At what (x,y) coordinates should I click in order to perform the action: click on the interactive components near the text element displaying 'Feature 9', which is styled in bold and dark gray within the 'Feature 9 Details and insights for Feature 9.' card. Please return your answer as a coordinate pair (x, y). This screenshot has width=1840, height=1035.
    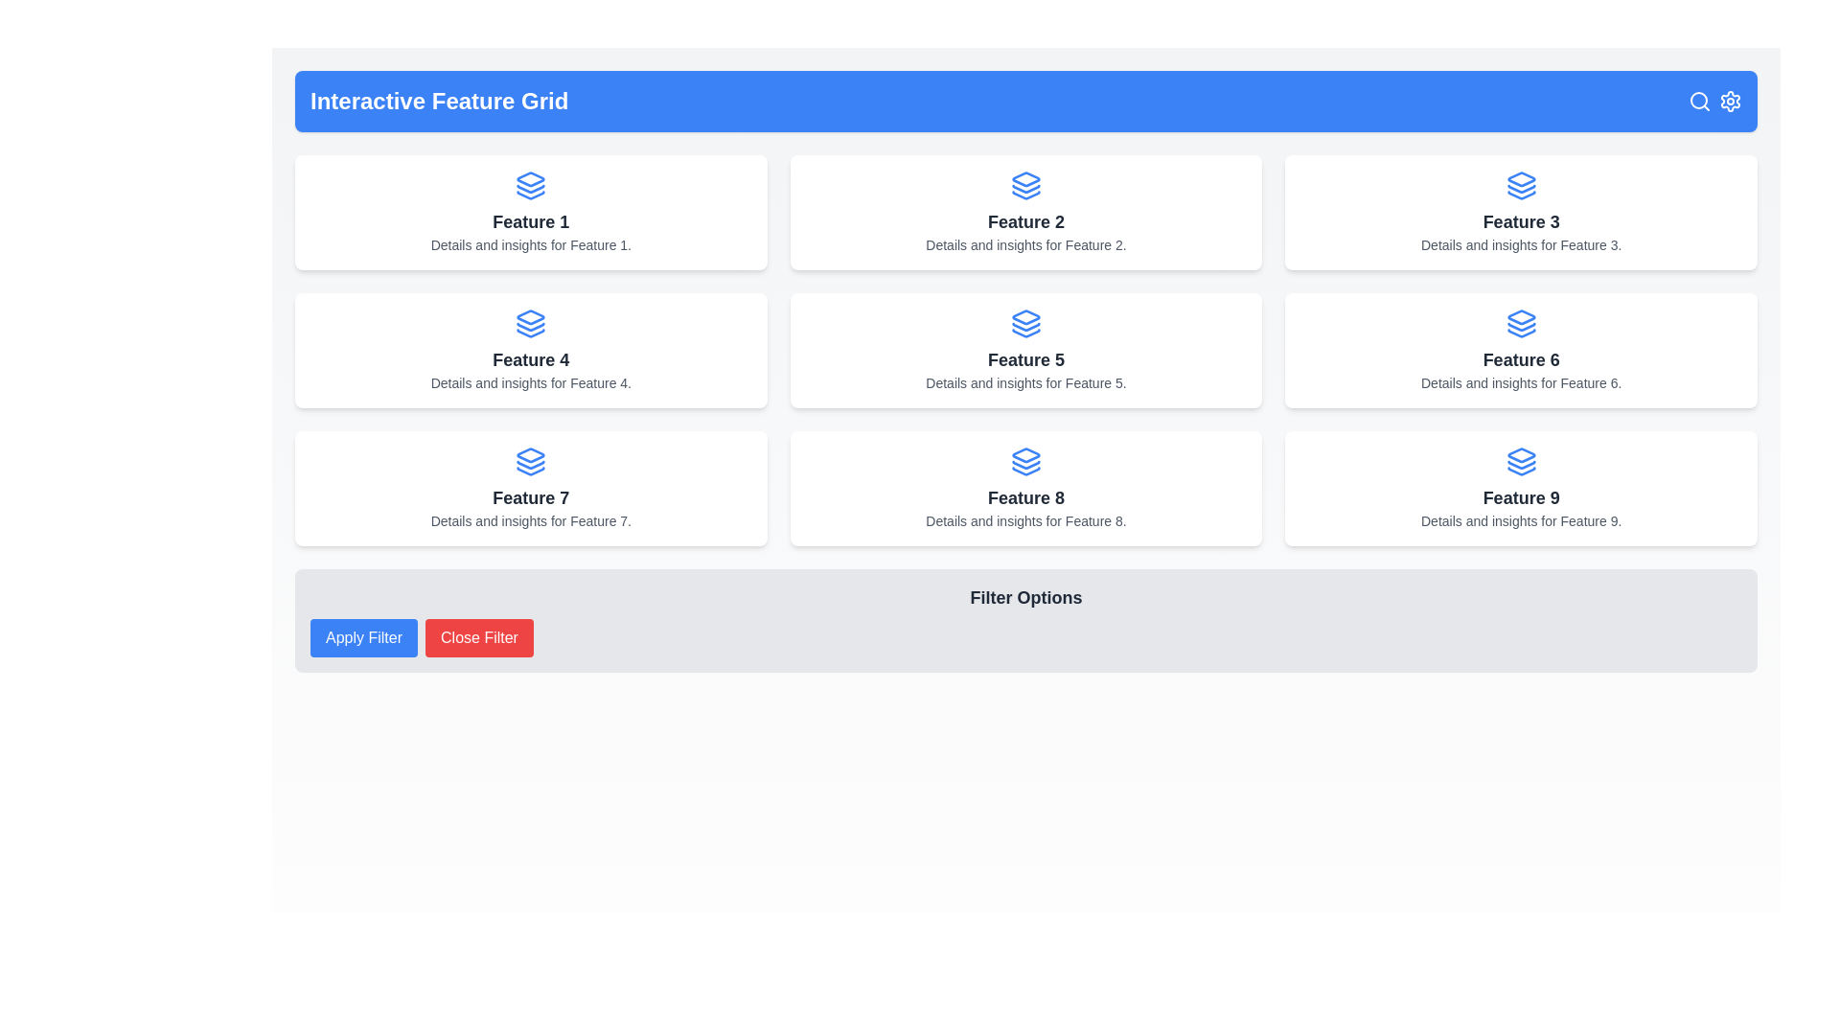
    Looking at the image, I should click on (1520, 497).